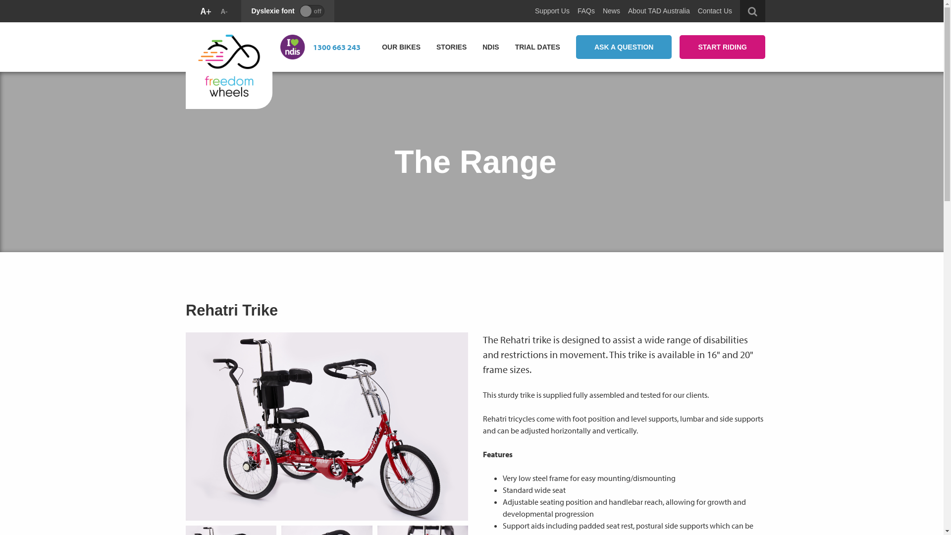 The width and height of the screenshot is (951, 535). What do you see at coordinates (507, 47) in the screenshot?
I see `'TRIAL DATES'` at bounding box center [507, 47].